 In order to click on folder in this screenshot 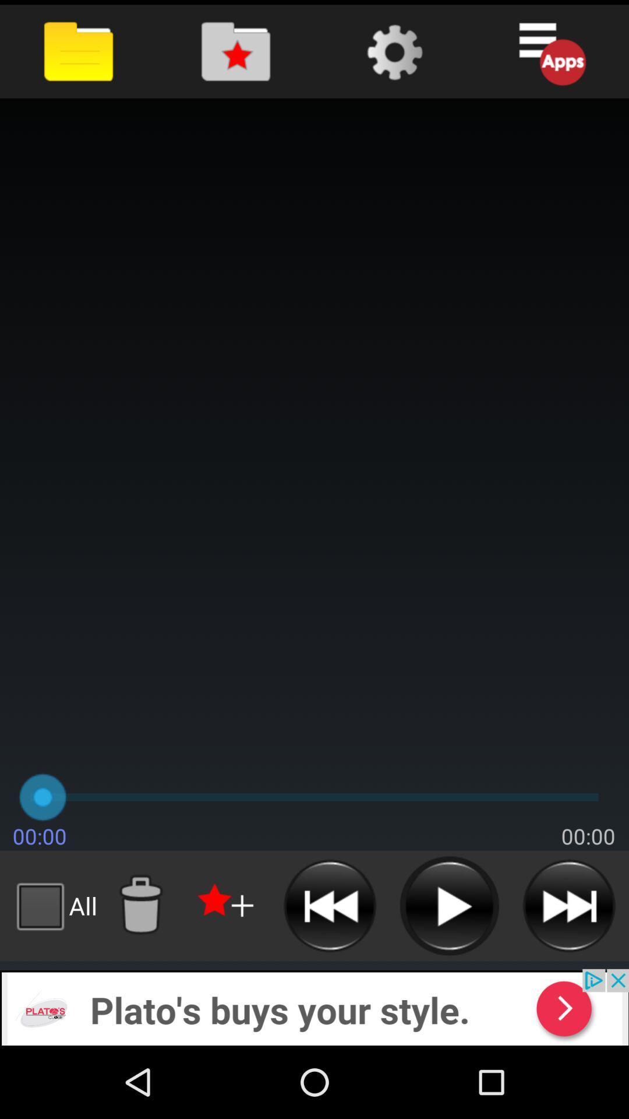, I will do `click(236, 51)`.